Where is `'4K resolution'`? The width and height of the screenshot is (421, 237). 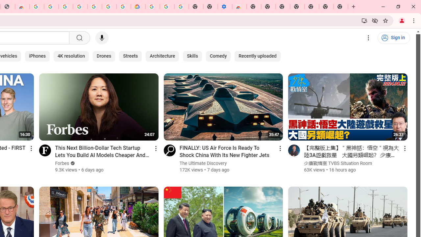 '4K resolution' is located at coordinates (71, 56).